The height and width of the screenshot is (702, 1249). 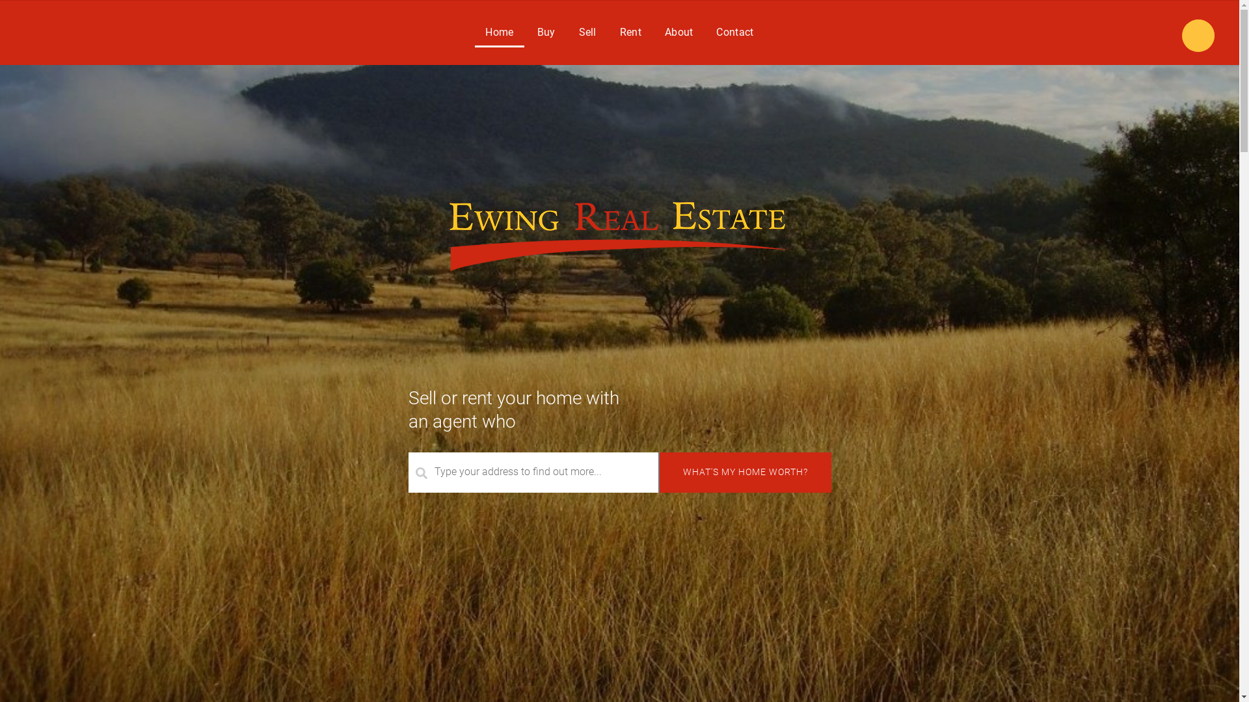 What do you see at coordinates (734, 32) in the screenshot?
I see `'Contact'` at bounding box center [734, 32].